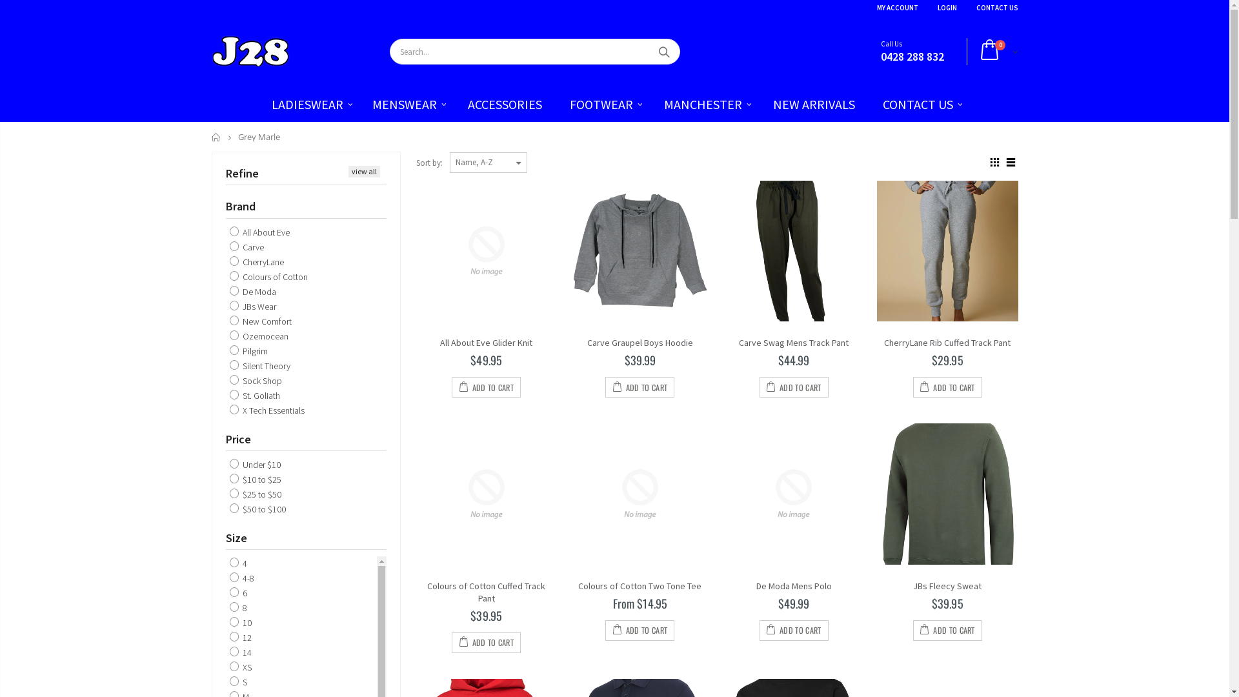  I want to click on 'All About Eve', so click(229, 231).